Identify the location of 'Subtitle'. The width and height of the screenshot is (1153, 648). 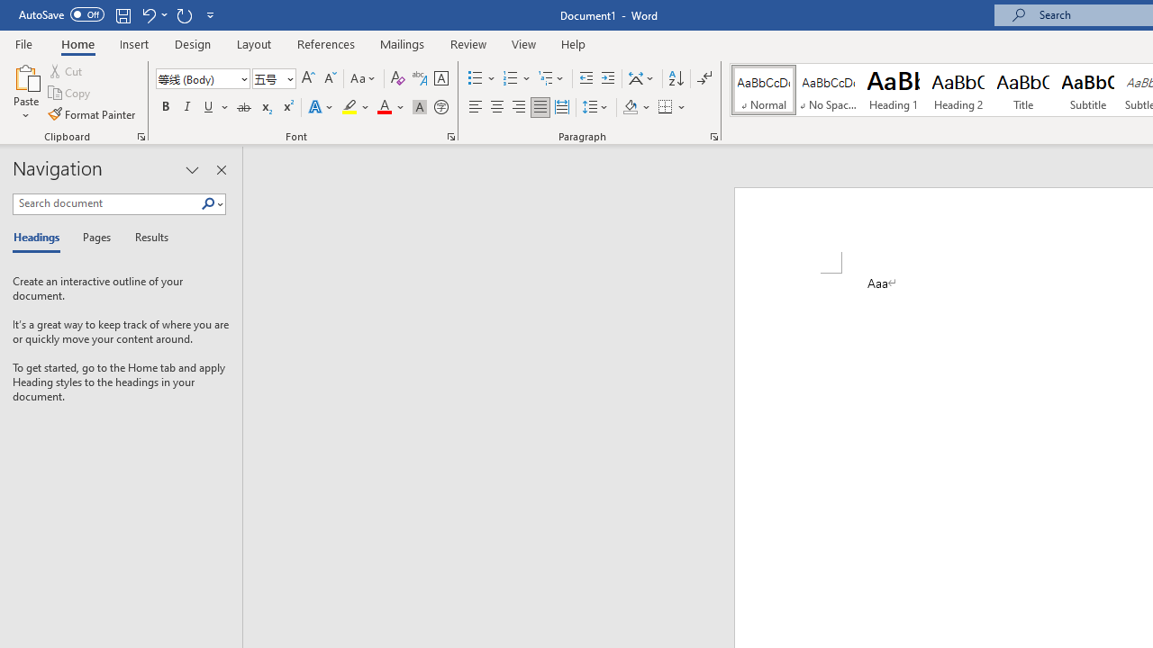
(1087, 90).